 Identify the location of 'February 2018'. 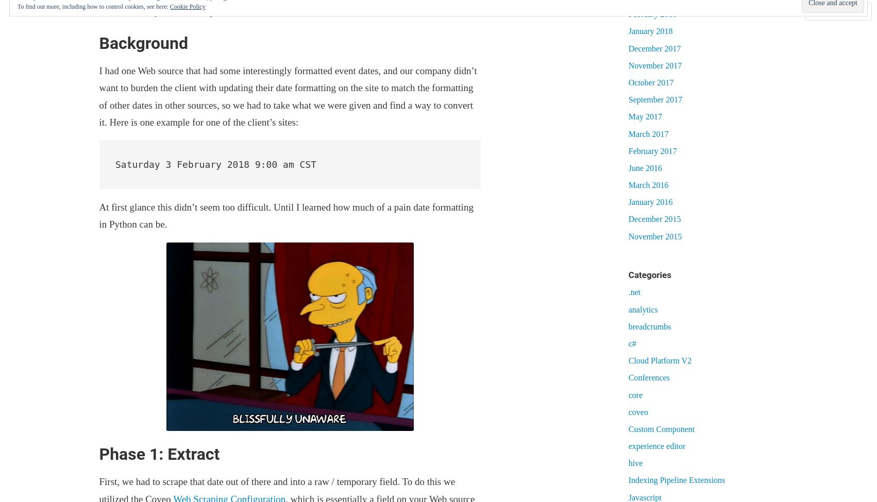
(628, 14).